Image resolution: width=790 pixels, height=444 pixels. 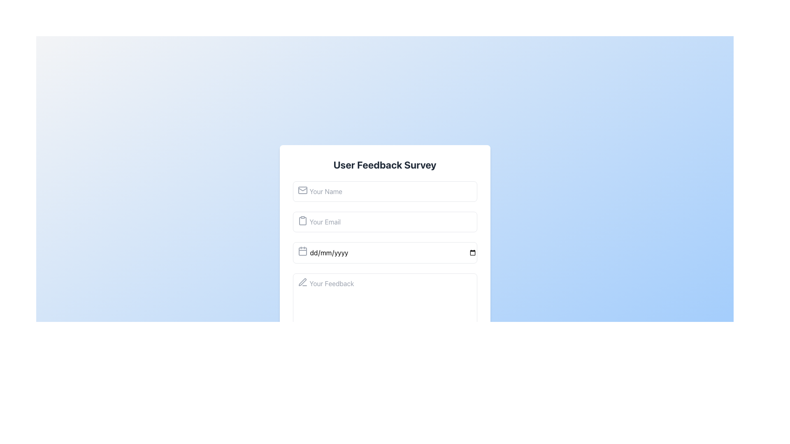 What do you see at coordinates (384, 192) in the screenshot?
I see `the input field labeled 'Your Name' to focus on it` at bounding box center [384, 192].